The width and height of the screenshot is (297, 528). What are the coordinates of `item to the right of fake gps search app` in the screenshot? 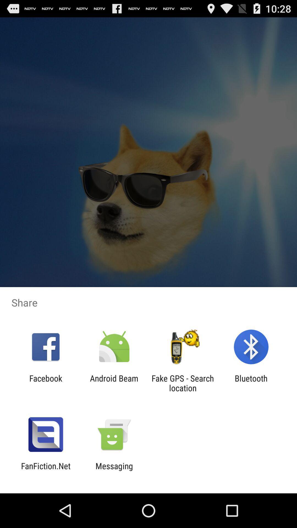 It's located at (251, 383).